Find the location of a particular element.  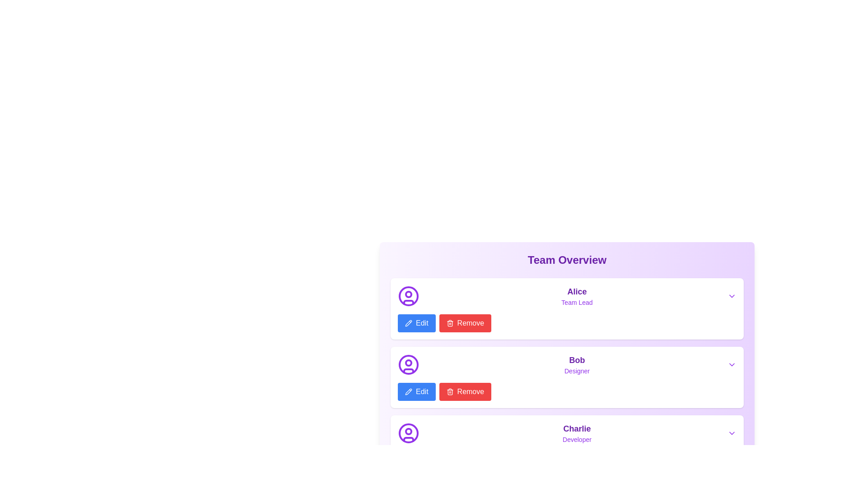

the Profile Identifier for user 'Bob', which is represented by a purple circular symbol followed by the name 'Bob' in bold purple text and the title 'Designer' in smaller purple text is located at coordinates (567, 364).